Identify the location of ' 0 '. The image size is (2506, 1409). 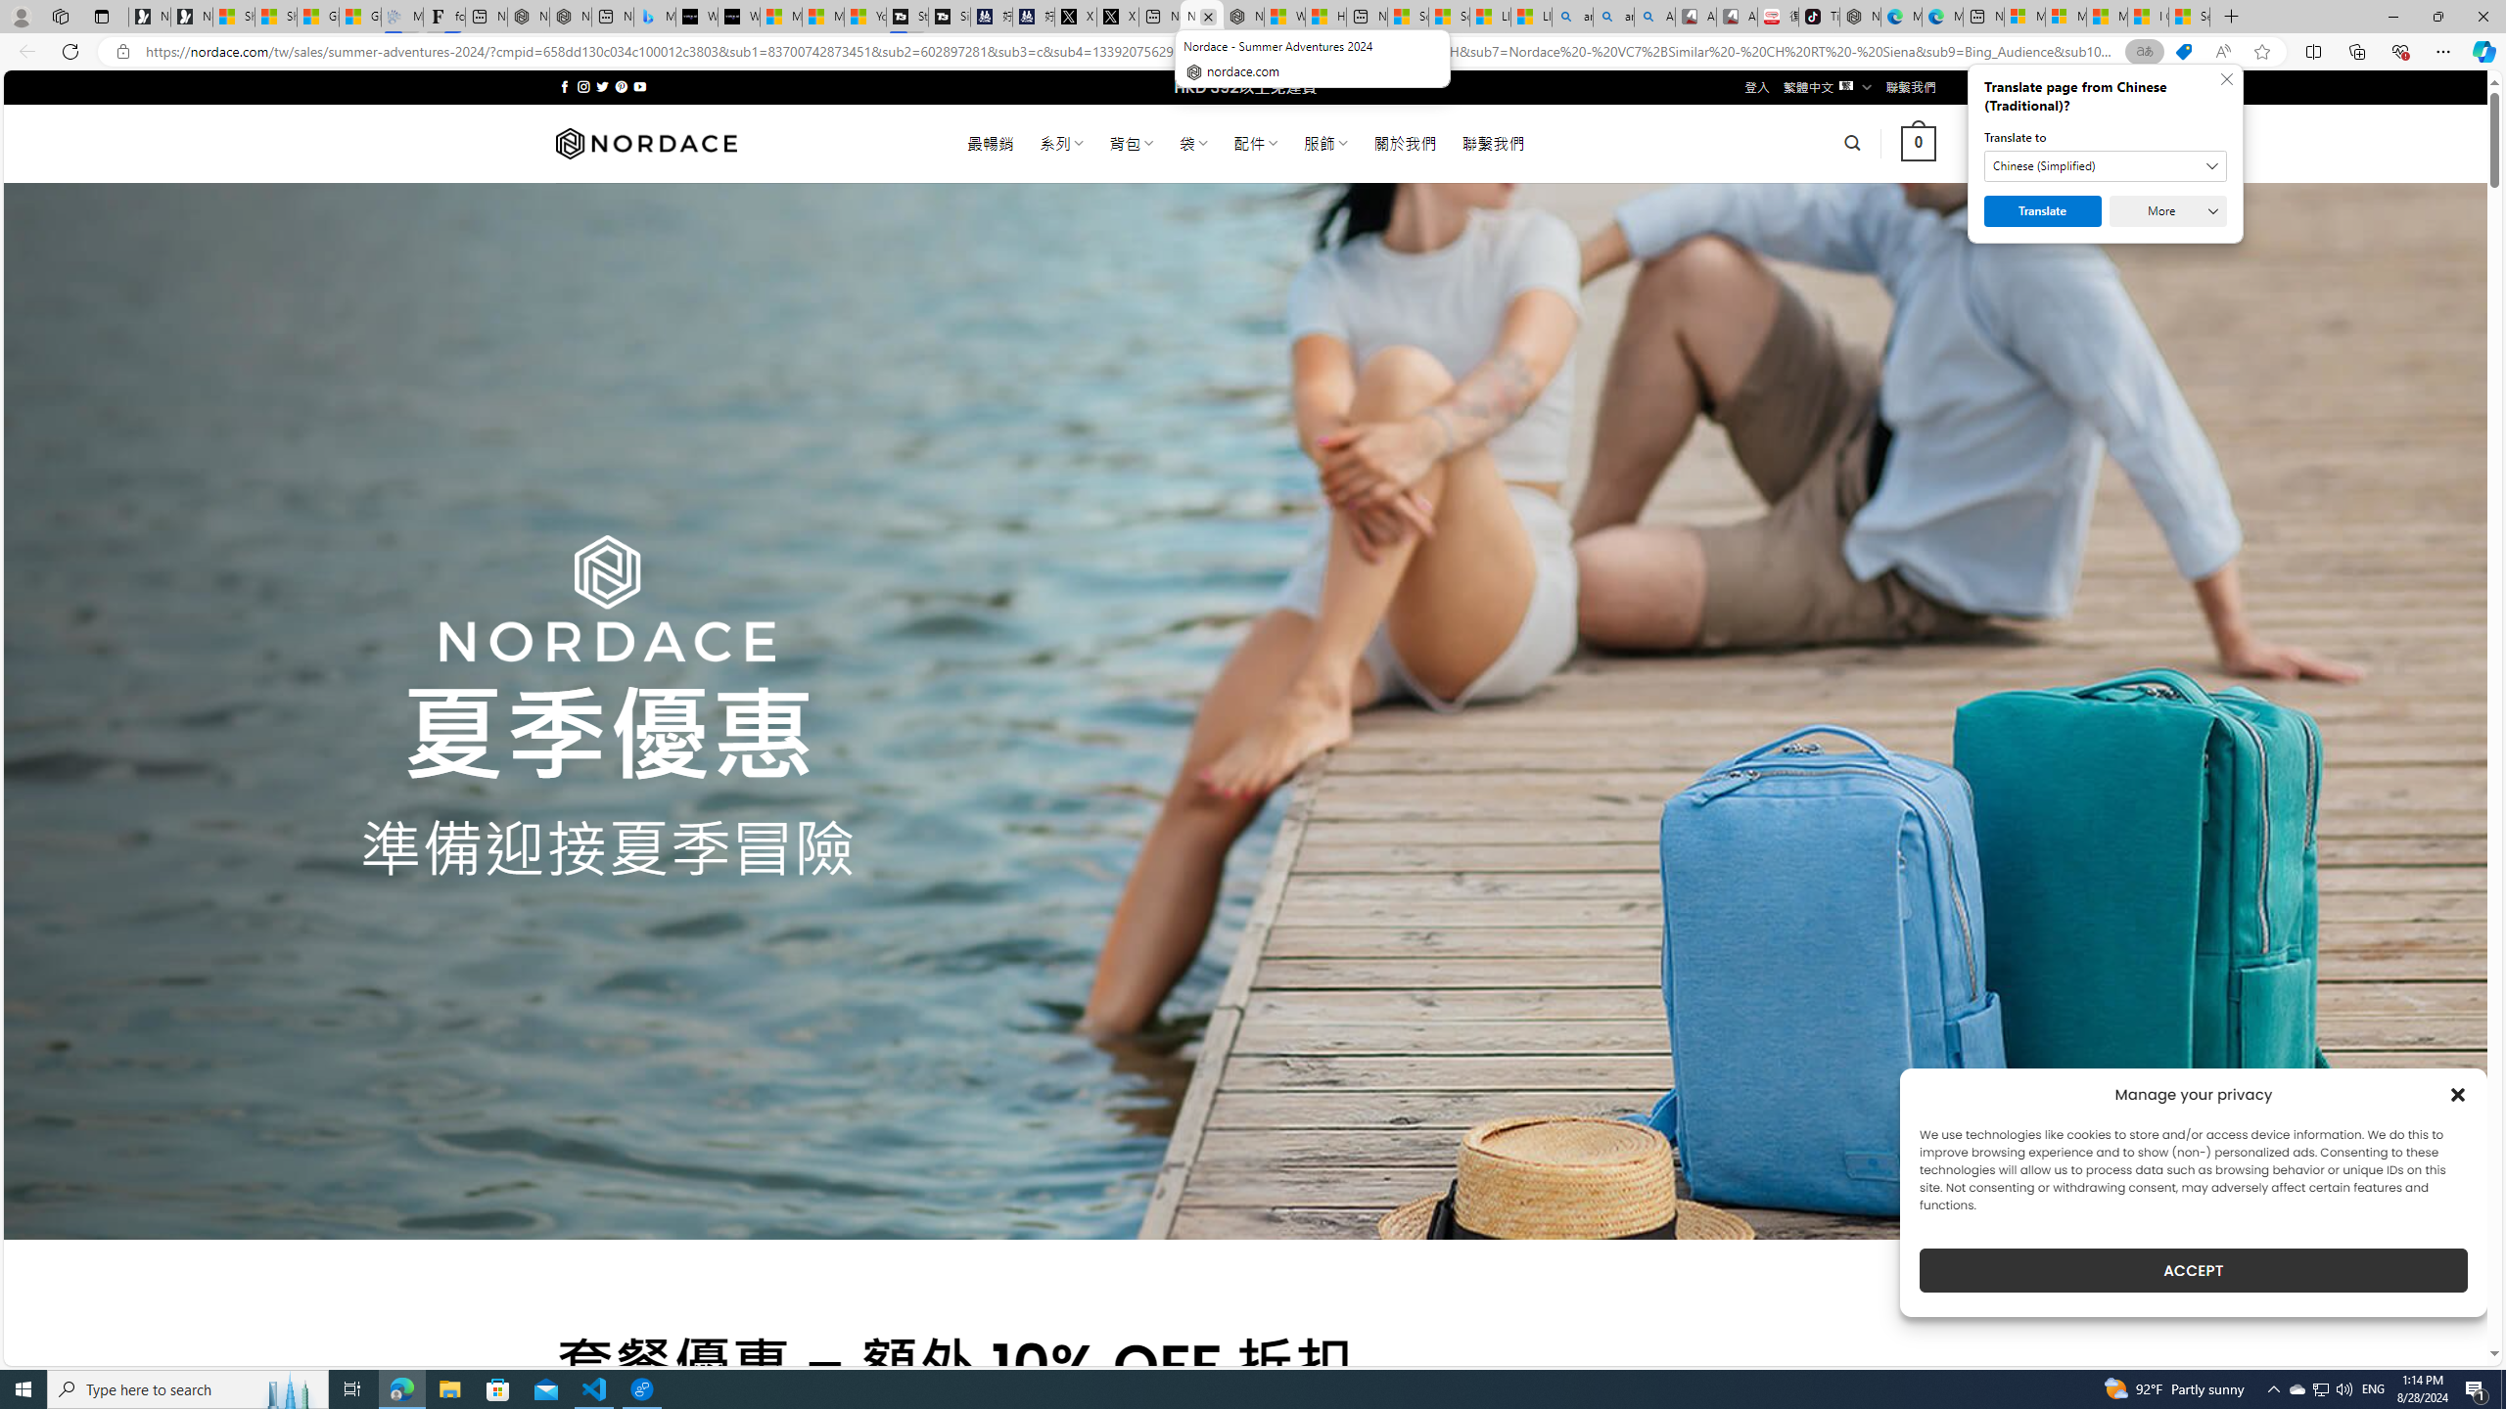
(1919, 142).